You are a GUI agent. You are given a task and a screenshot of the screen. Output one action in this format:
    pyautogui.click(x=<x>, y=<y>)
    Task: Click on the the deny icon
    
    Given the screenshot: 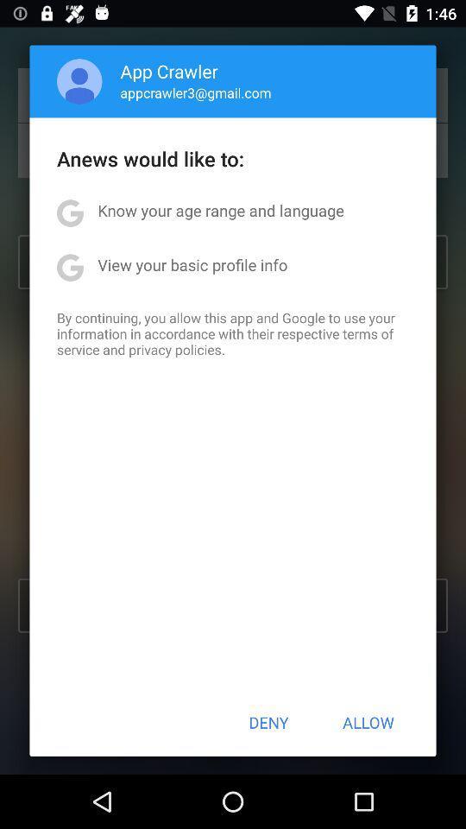 What is the action you would take?
    pyautogui.click(x=268, y=722)
    